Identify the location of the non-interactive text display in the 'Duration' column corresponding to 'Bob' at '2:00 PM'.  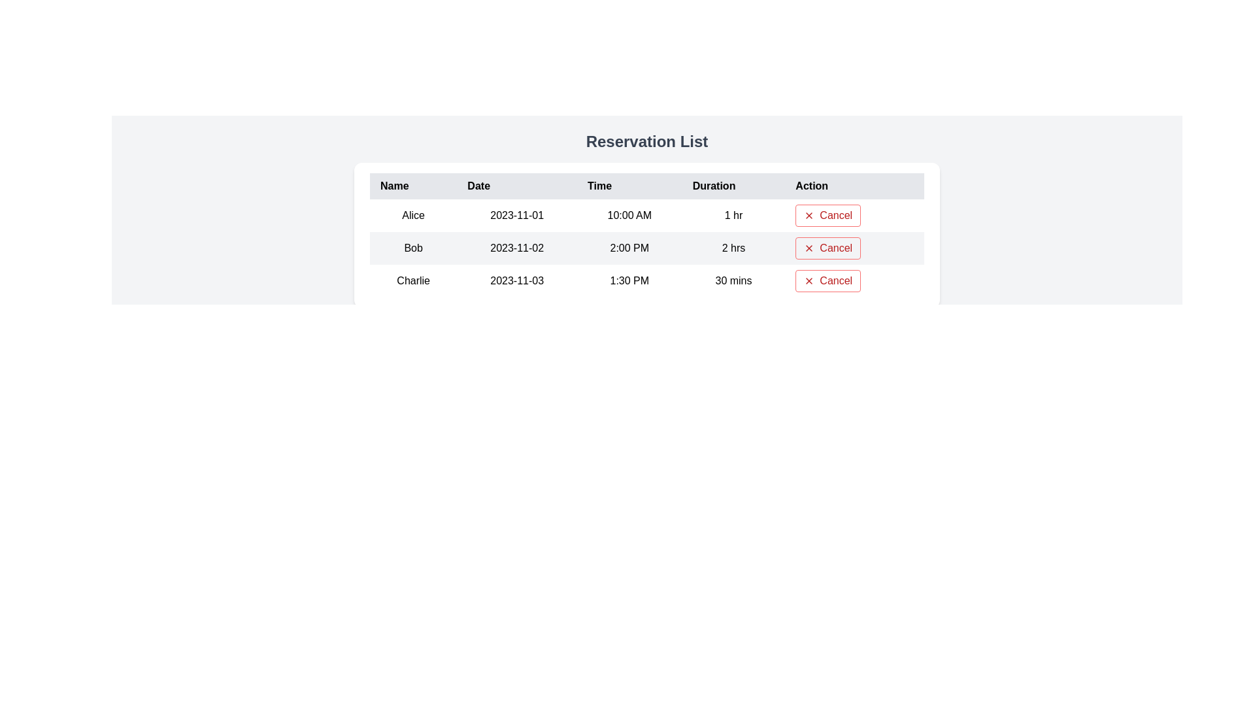
(733, 248).